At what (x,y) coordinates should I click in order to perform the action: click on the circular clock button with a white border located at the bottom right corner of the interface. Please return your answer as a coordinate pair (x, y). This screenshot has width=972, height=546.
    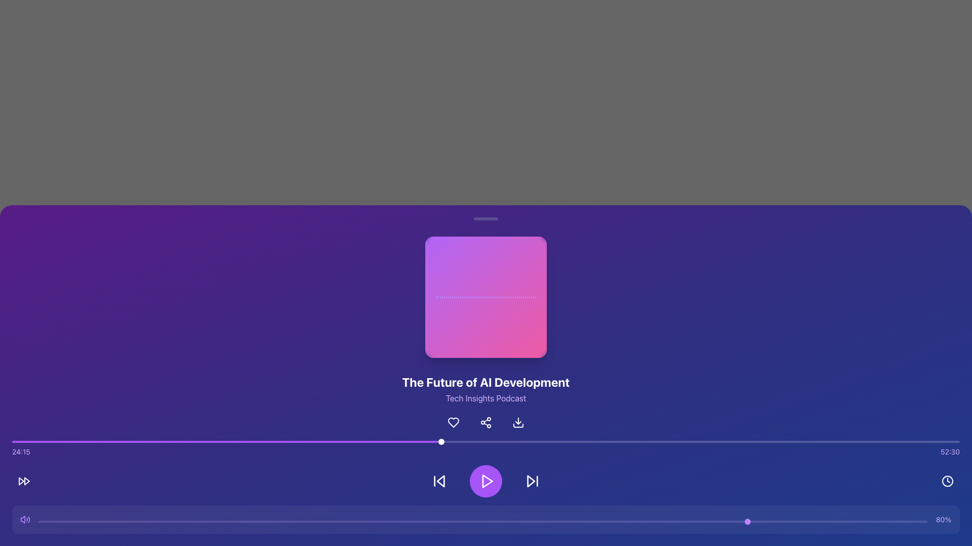
    Looking at the image, I should click on (947, 481).